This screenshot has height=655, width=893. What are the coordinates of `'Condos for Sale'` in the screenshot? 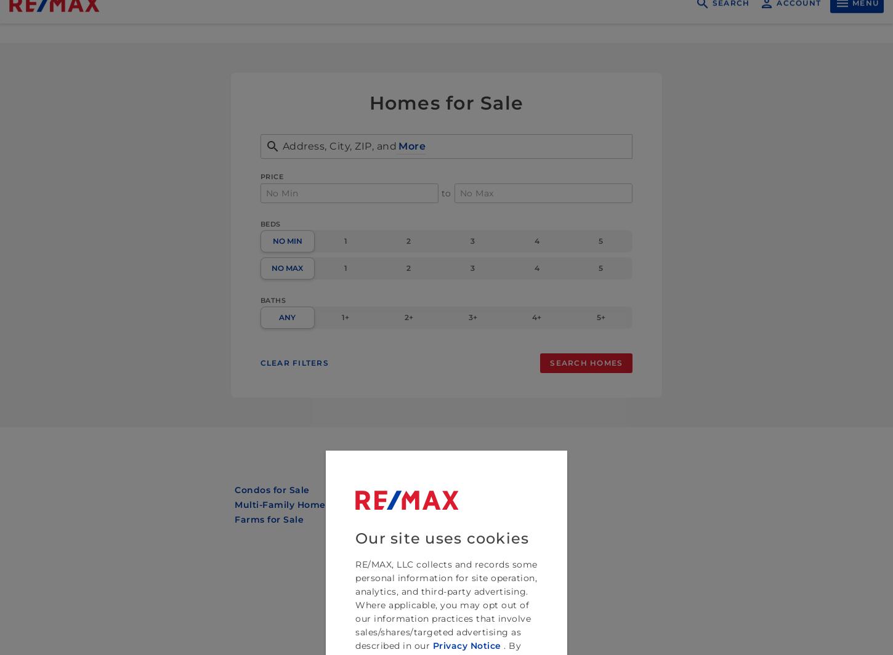 It's located at (271, 489).